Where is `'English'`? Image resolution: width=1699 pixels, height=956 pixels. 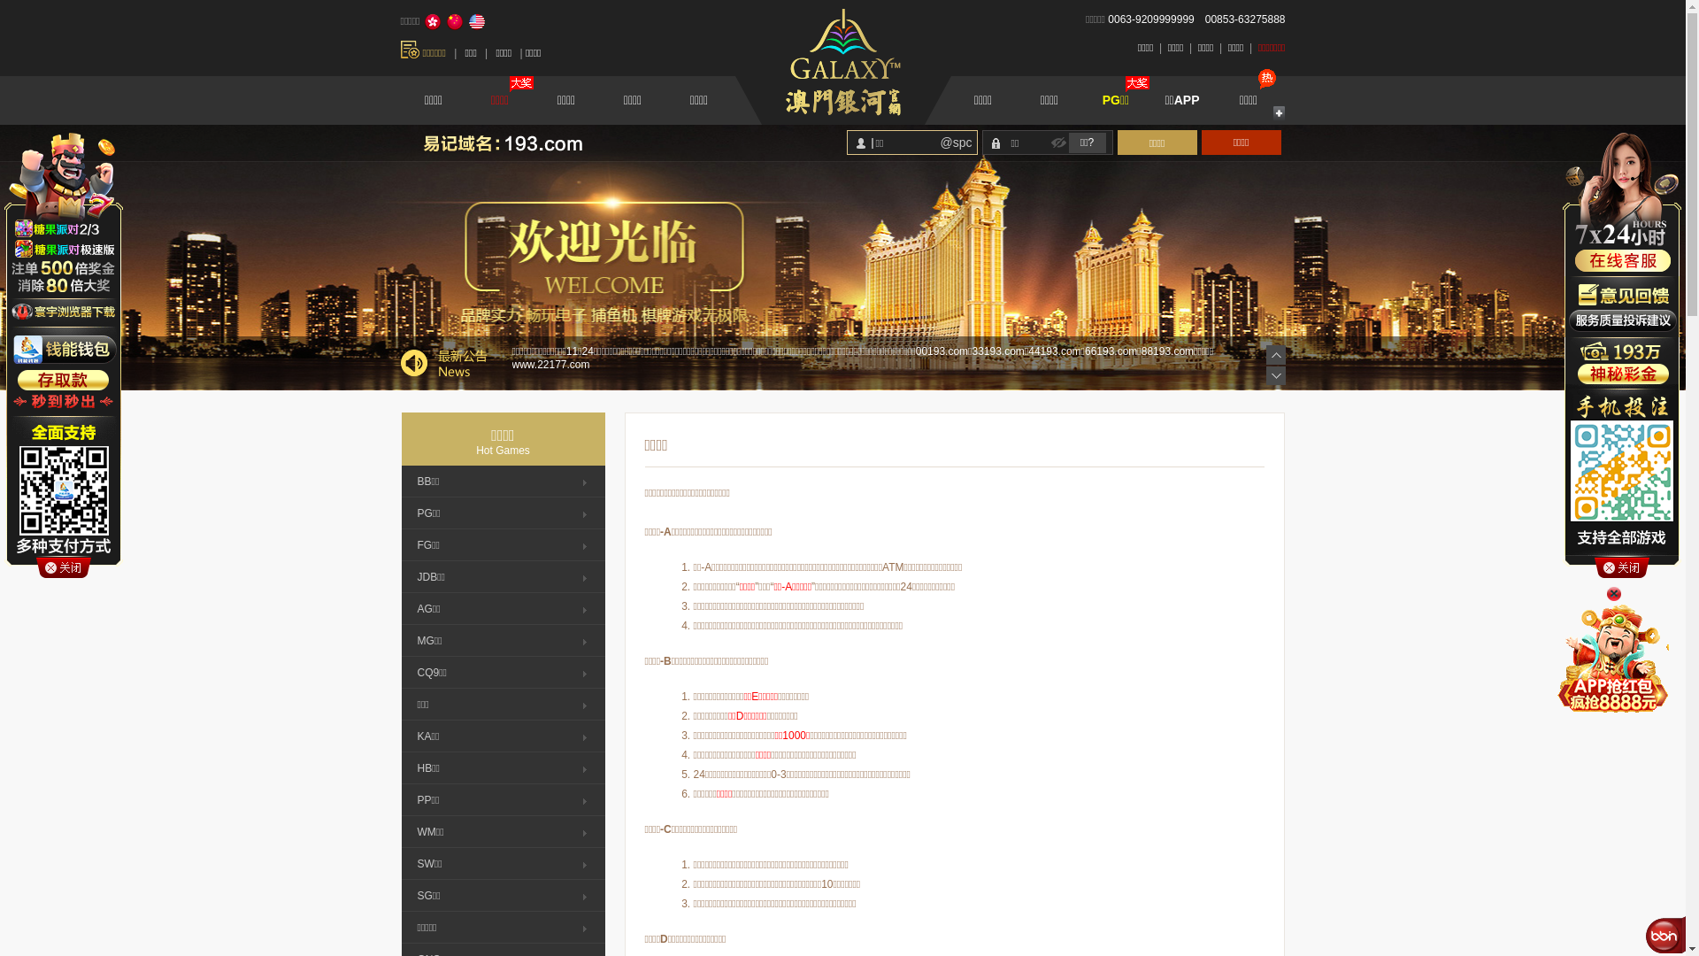 'English' is located at coordinates (476, 21).